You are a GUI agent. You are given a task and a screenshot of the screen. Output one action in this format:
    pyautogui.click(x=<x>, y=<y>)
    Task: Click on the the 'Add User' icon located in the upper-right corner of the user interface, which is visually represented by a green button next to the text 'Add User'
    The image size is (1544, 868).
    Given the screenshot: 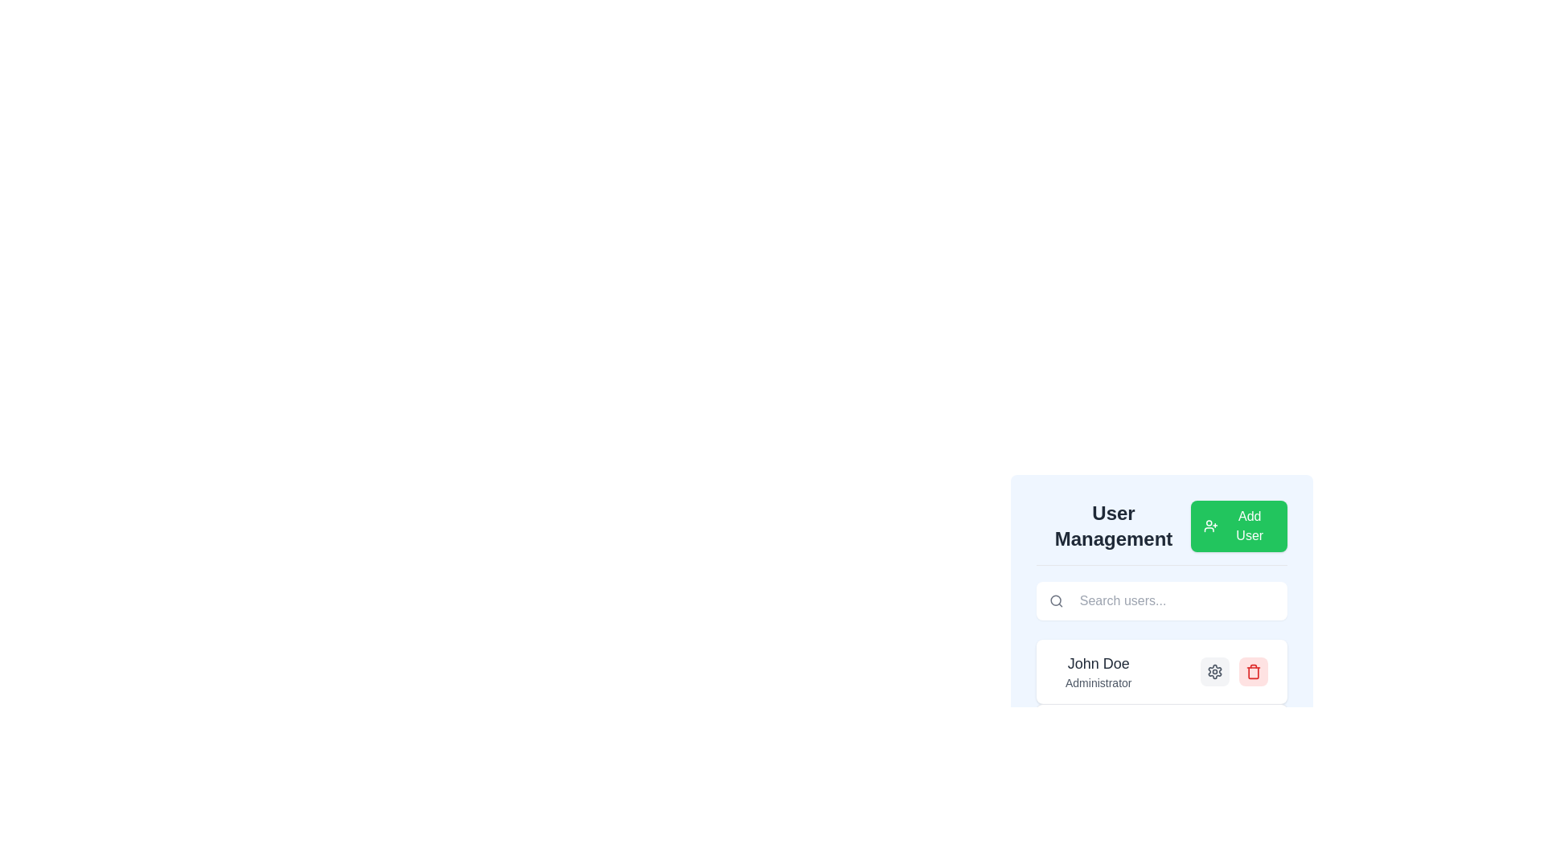 What is the action you would take?
    pyautogui.click(x=1211, y=526)
    